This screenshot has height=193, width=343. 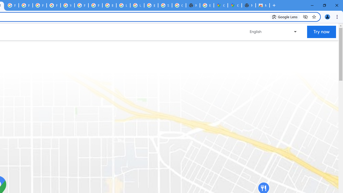 I want to click on 'Explore new street-level details - Google Maps Help', so click(x=206, y=5).